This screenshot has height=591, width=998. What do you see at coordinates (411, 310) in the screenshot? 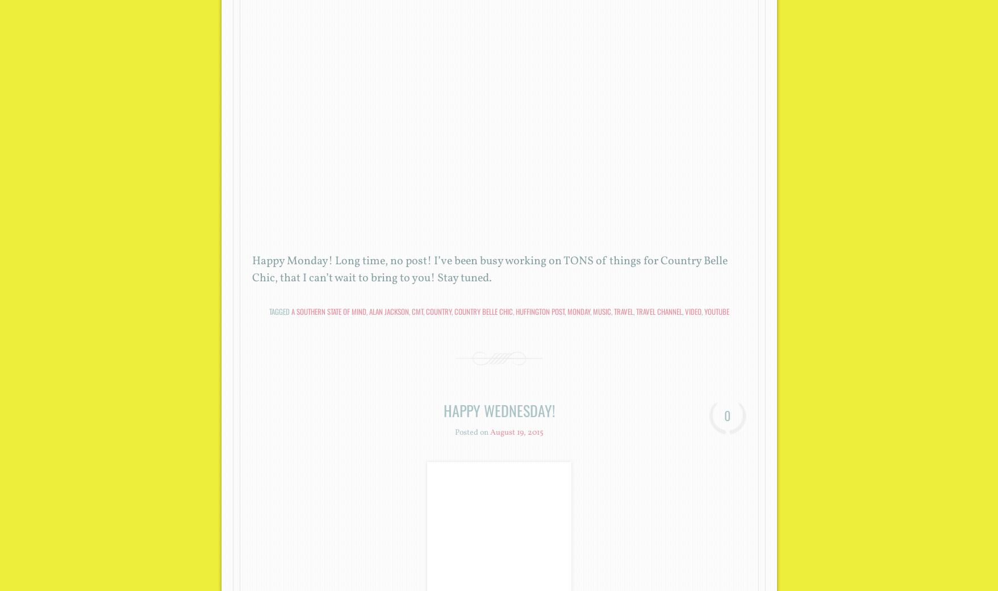
I see `'cmt'` at bounding box center [411, 310].